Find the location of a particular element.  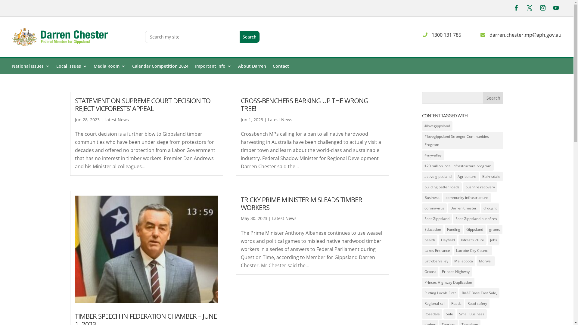

'health' is located at coordinates (429, 240).